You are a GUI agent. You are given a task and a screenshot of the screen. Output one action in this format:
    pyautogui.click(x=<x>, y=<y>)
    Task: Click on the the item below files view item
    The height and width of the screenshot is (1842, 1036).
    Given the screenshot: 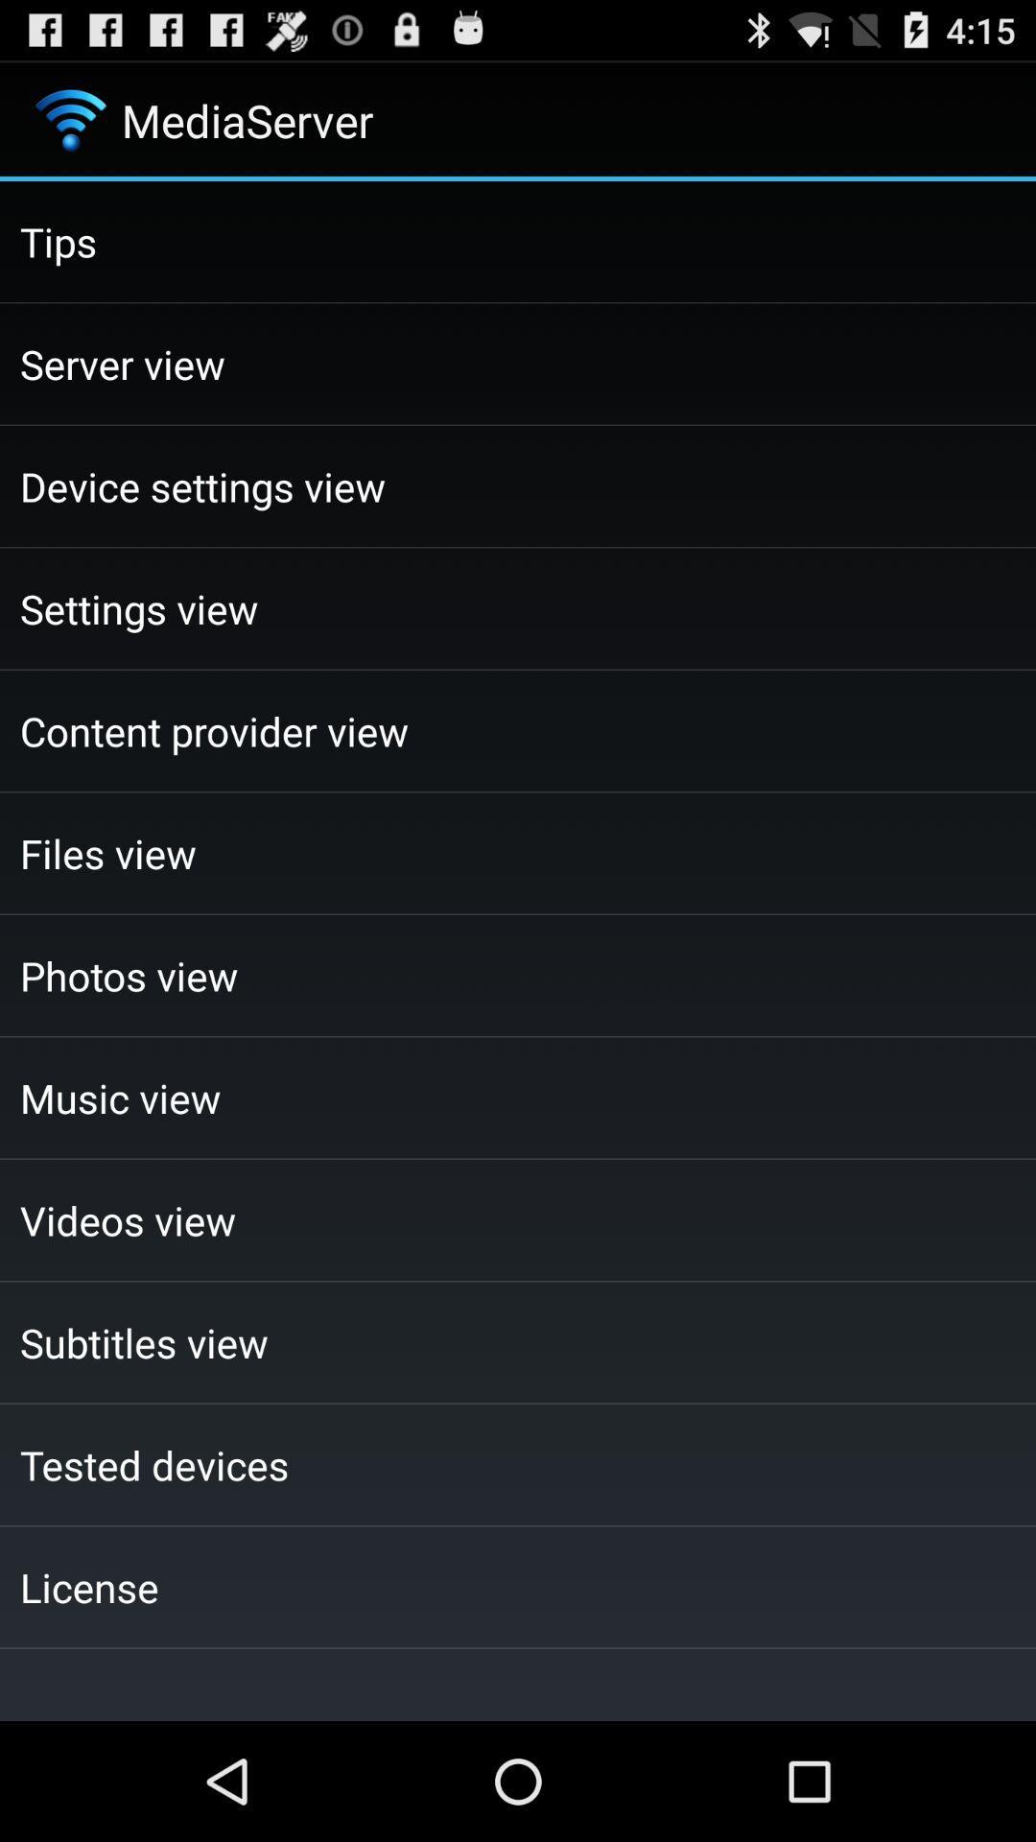 What is the action you would take?
    pyautogui.click(x=518, y=976)
    